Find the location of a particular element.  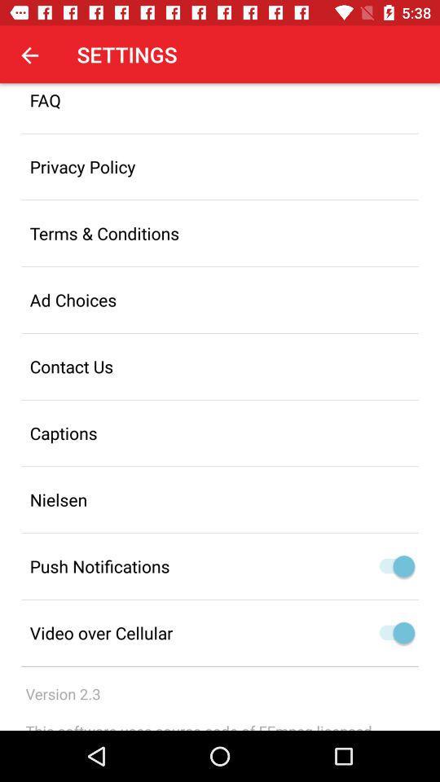

privacy policy item is located at coordinates (220, 166).